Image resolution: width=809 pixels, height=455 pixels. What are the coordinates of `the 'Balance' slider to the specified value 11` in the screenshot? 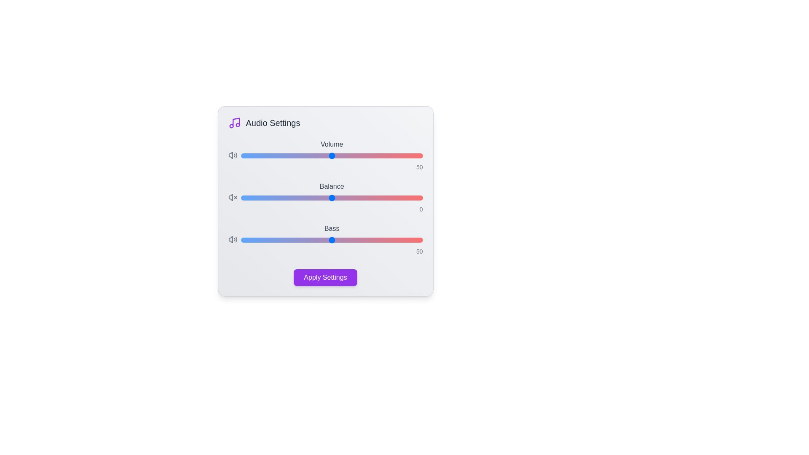 It's located at (352, 198).